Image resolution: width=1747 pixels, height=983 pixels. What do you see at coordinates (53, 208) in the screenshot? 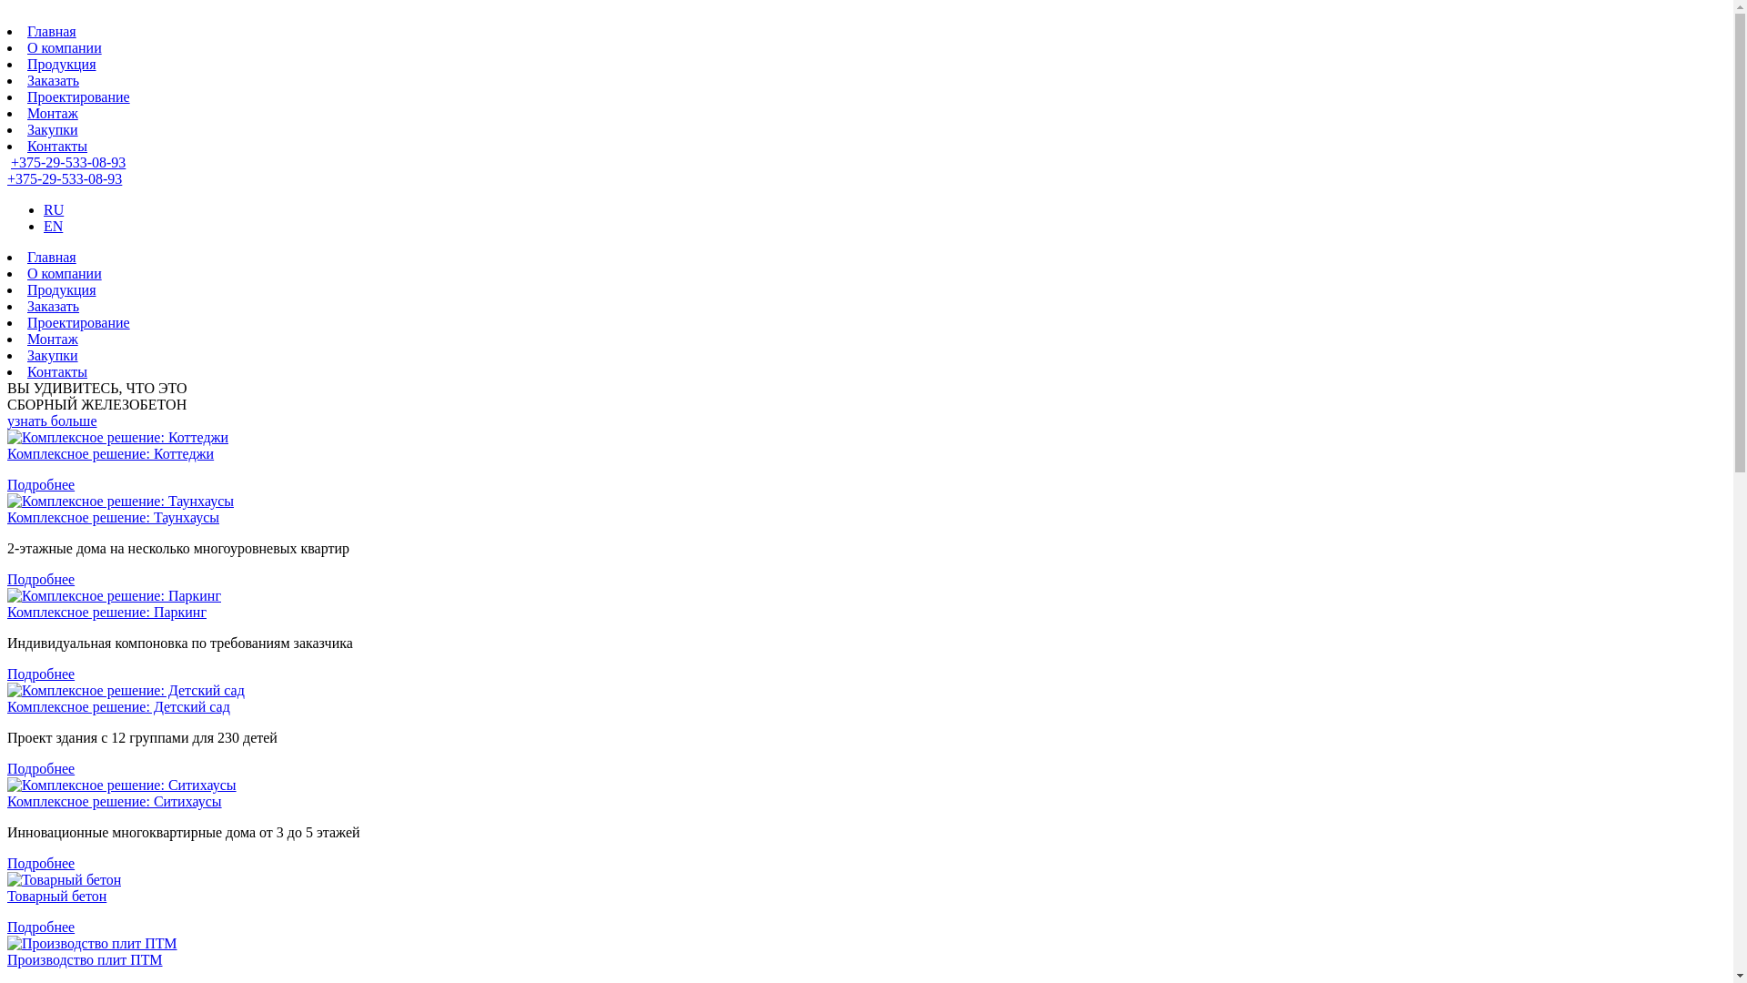
I see `'RU'` at bounding box center [53, 208].